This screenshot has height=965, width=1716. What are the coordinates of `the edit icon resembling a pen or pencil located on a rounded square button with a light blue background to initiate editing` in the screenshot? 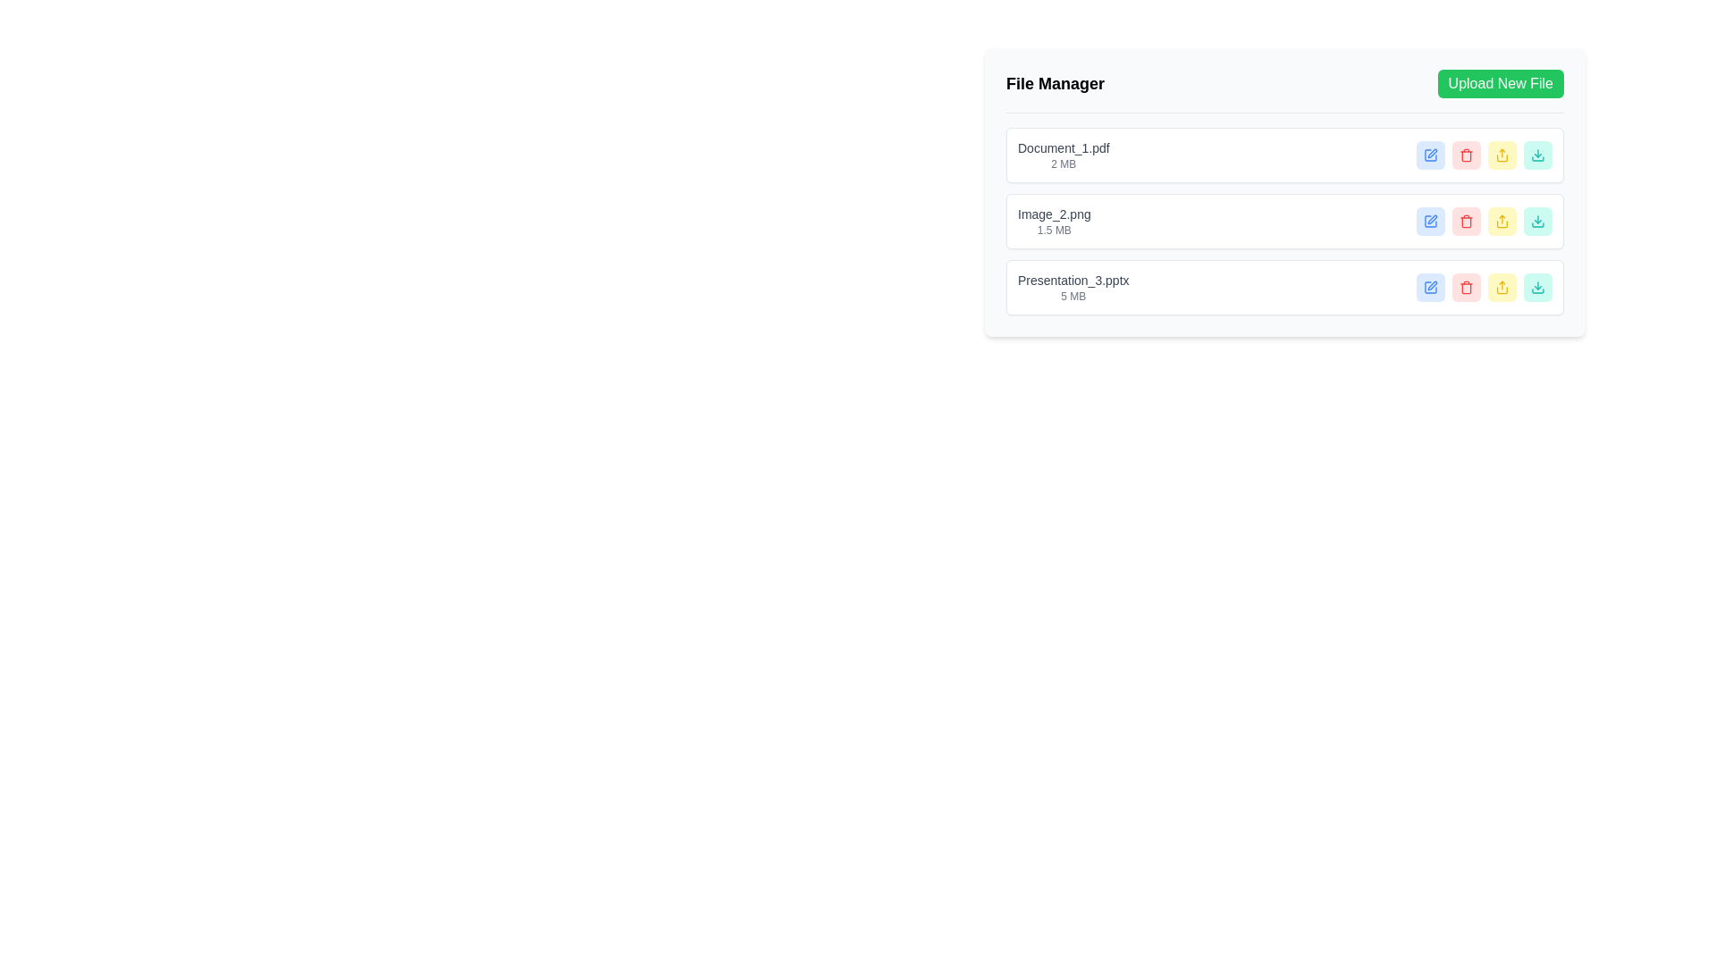 It's located at (1431, 286).